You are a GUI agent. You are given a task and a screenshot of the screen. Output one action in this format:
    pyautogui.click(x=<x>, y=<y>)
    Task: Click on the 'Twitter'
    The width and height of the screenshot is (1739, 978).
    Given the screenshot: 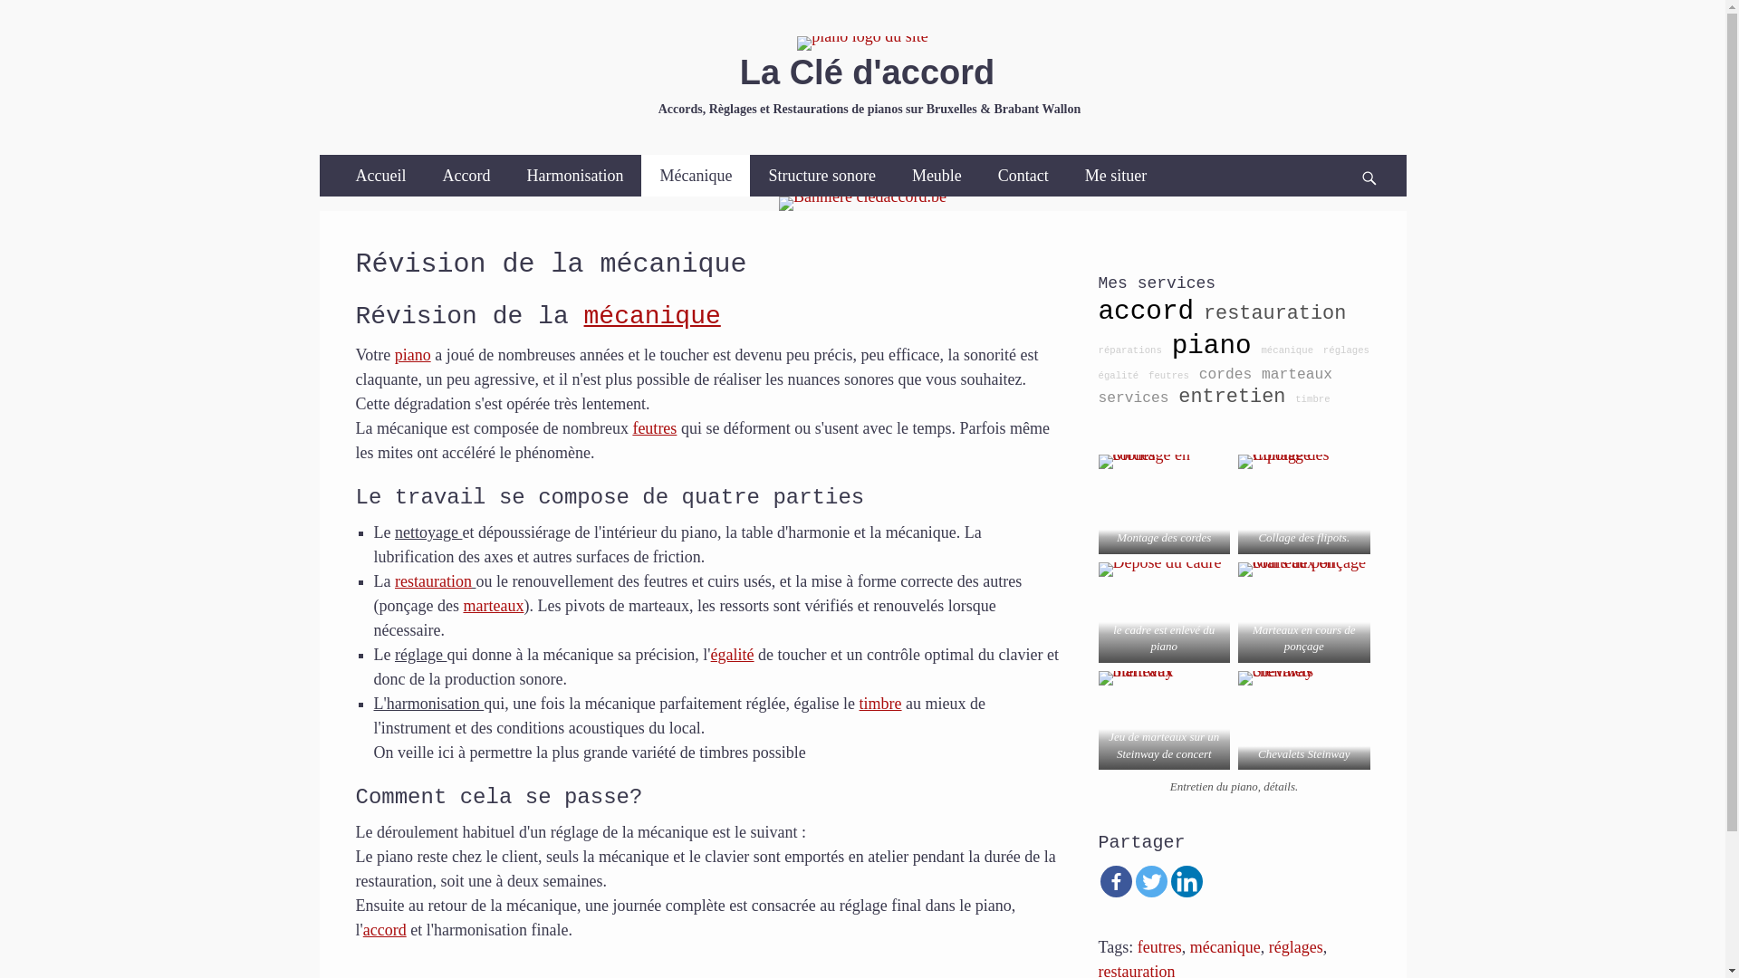 What is the action you would take?
    pyautogui.click(x=1150, y=880)
    